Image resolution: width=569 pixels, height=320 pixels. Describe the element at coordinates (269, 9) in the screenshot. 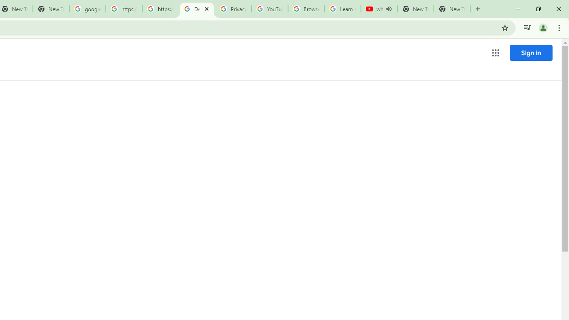

I see `'YouTube'` at that location.